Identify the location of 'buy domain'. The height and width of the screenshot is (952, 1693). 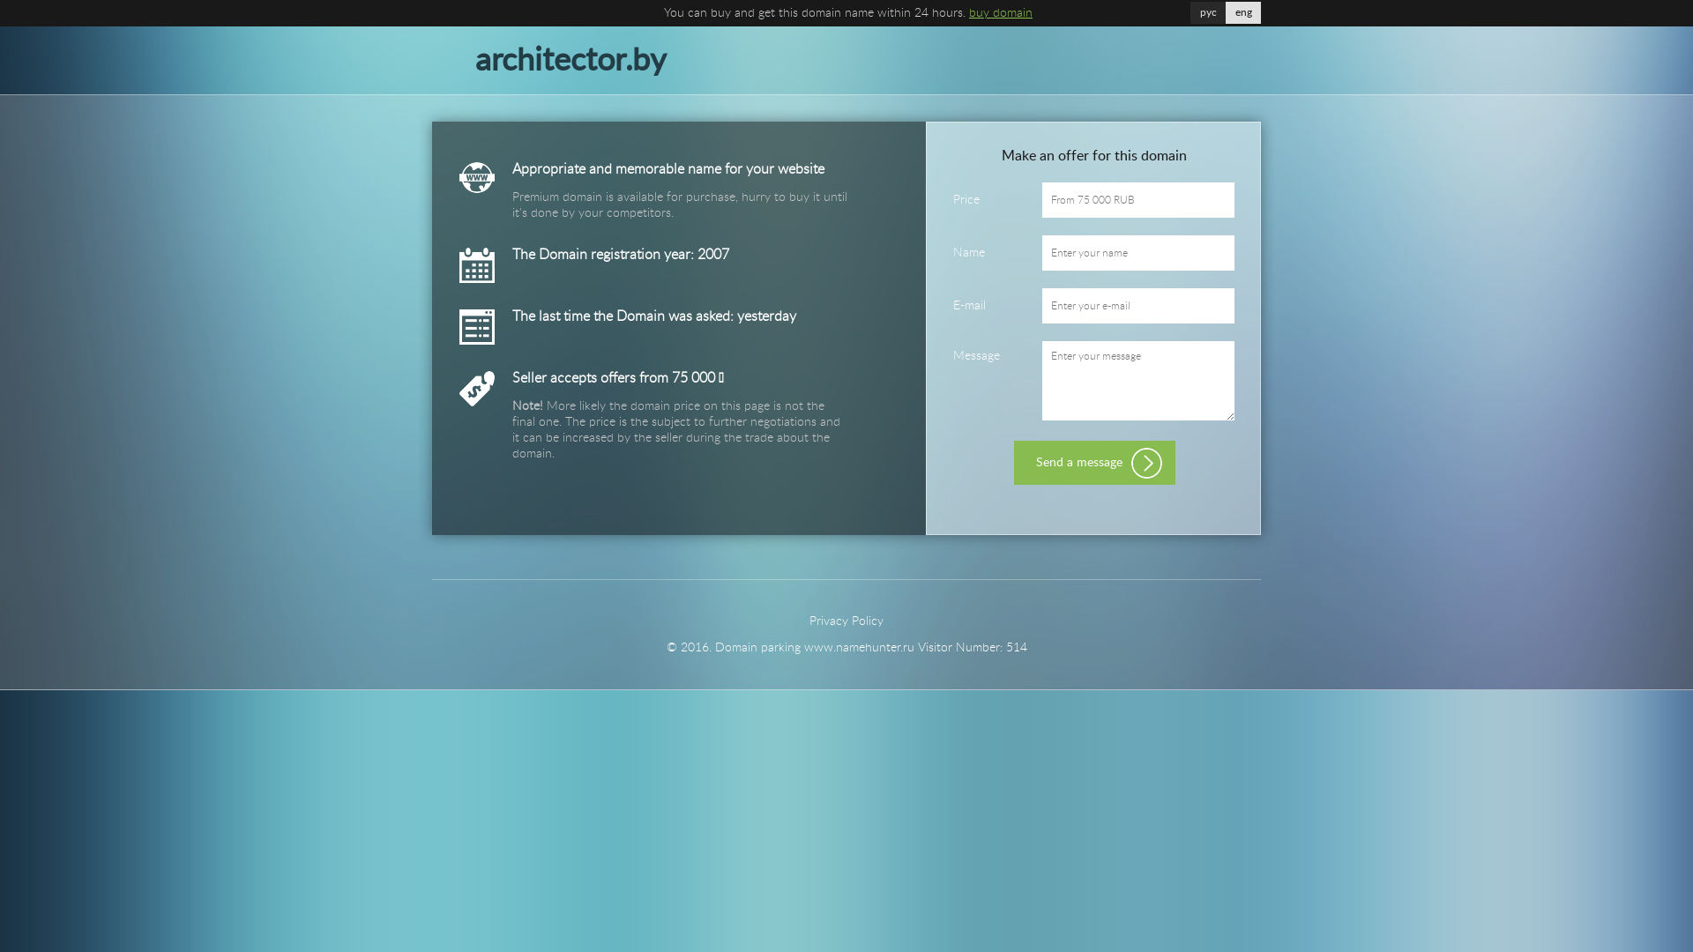
(1000, 13).